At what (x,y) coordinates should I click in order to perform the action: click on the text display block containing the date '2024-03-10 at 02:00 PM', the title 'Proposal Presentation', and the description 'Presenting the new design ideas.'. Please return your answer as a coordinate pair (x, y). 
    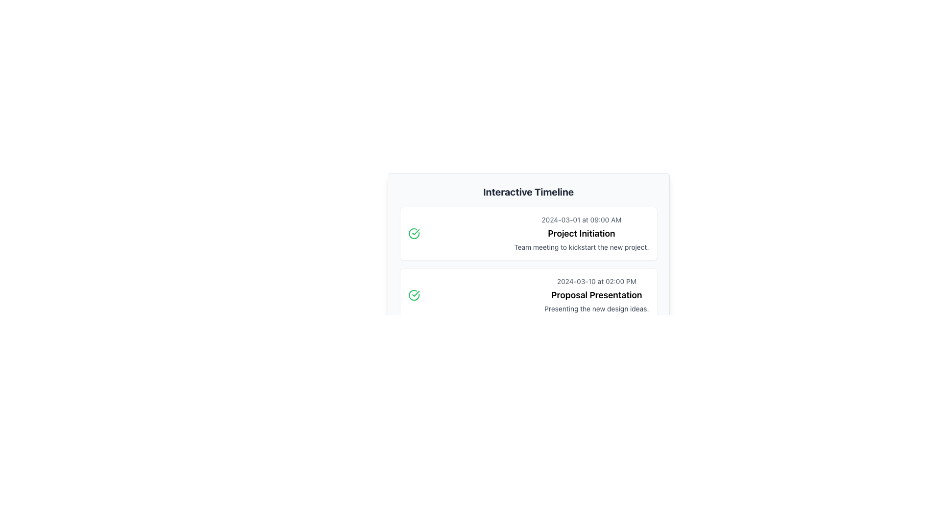
    Looking at the image, I should click on (596, 295).